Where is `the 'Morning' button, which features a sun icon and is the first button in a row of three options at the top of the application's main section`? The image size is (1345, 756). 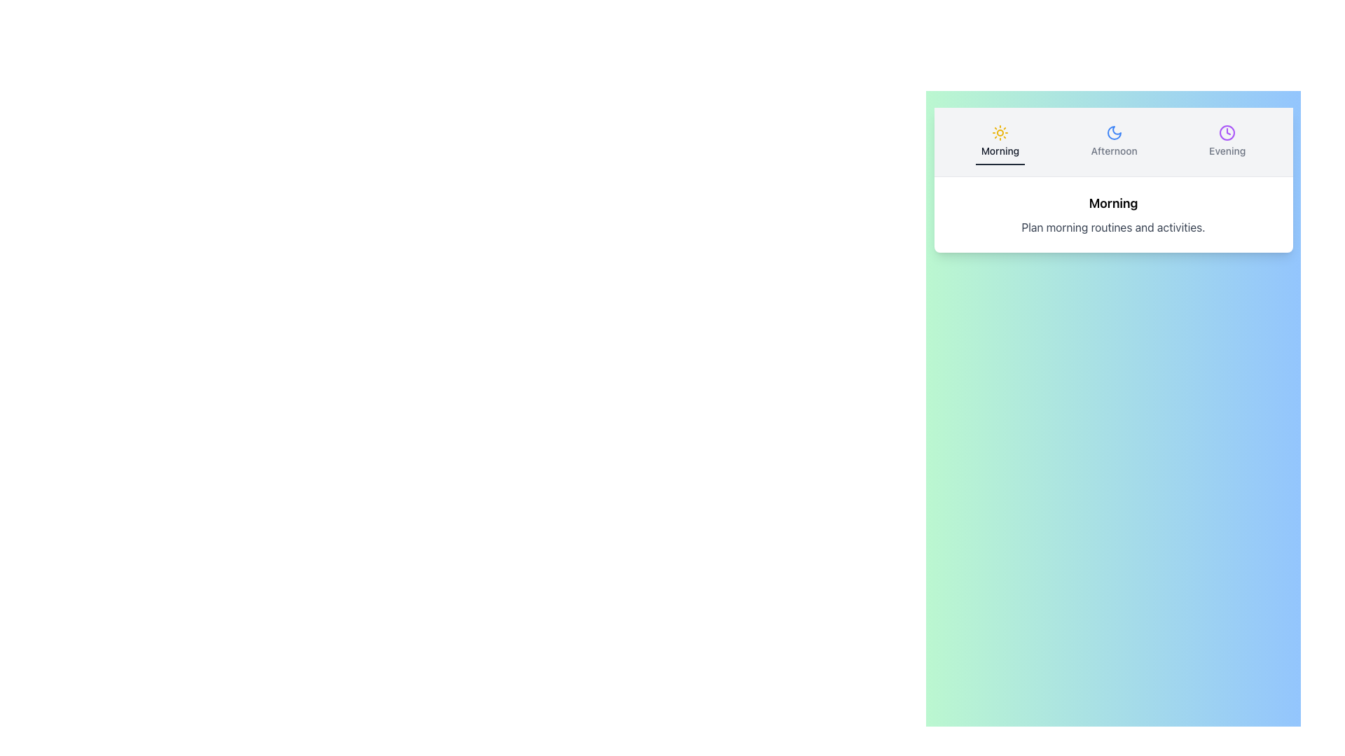 the 'Morning' button, which features a sun icon and is the first button in a row of three options at the top of the application's main section is located at coordinates (999, 142).